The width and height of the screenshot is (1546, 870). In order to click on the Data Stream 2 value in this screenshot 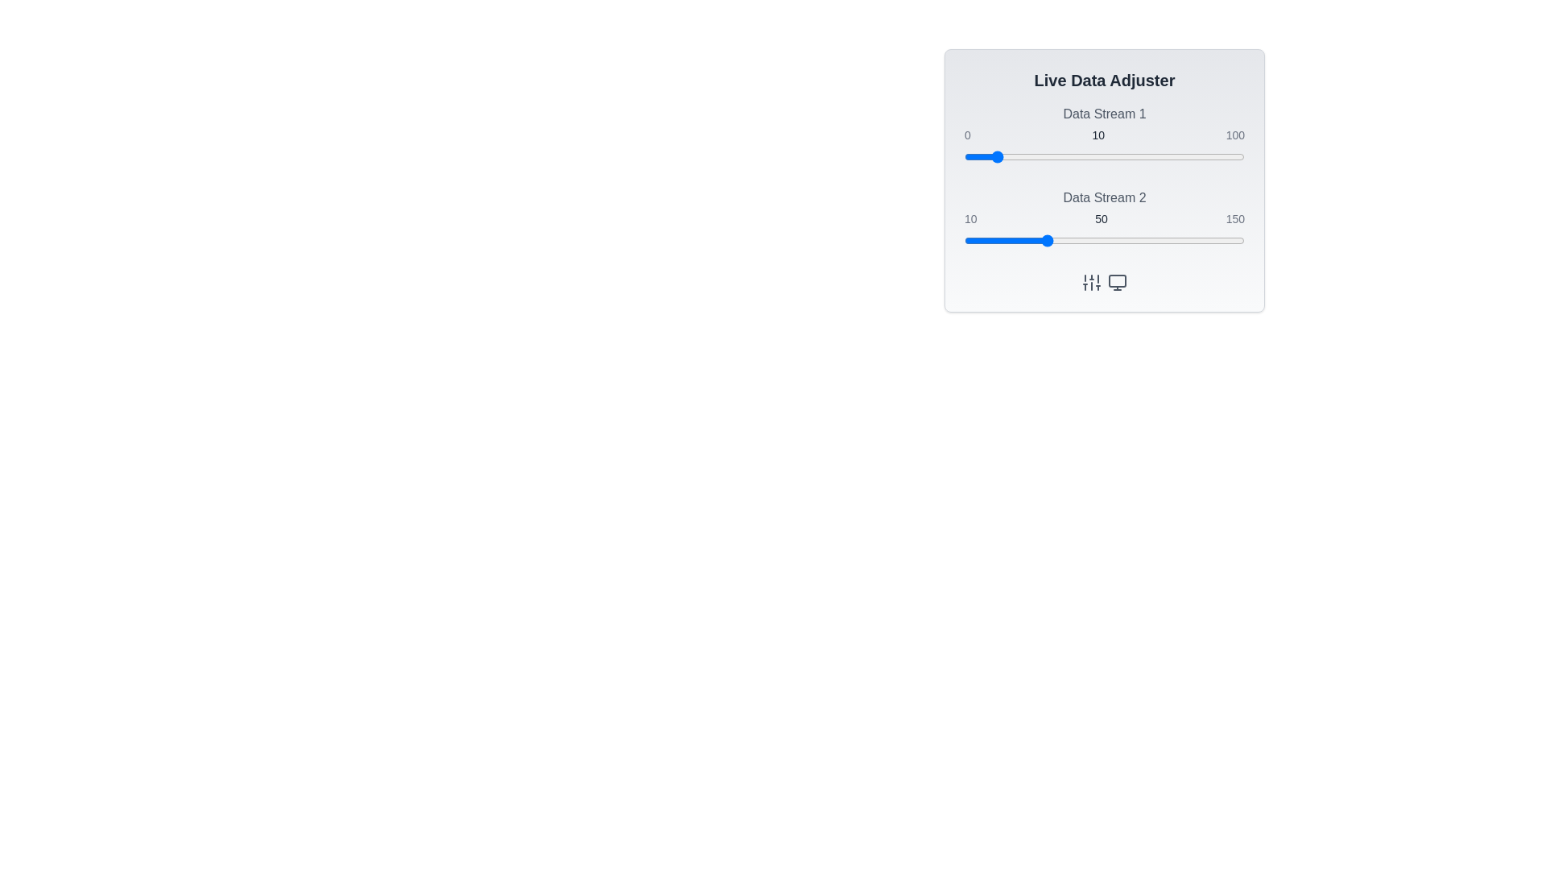, I will do `click(983, 241)`.